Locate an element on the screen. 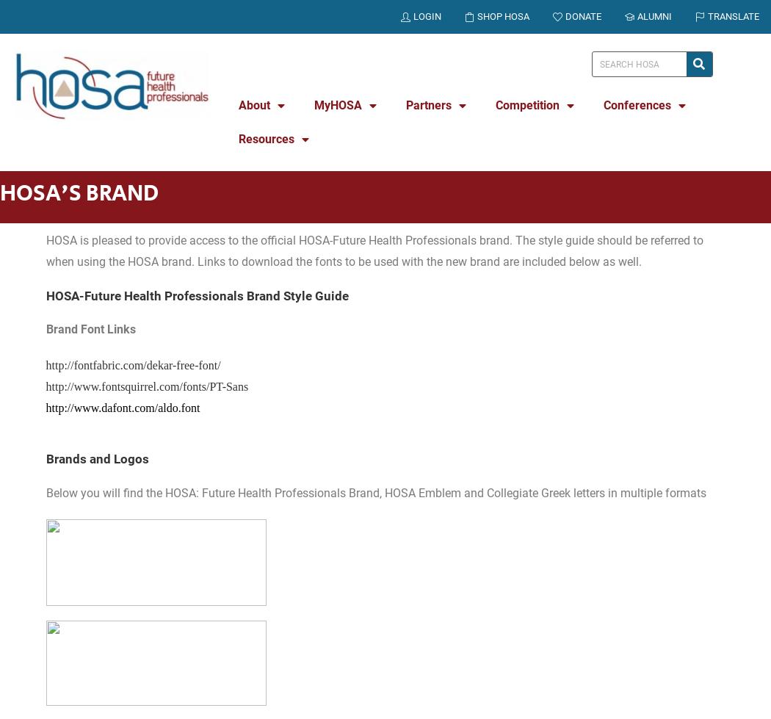  'Resources' is located at coordinates (265, 139).